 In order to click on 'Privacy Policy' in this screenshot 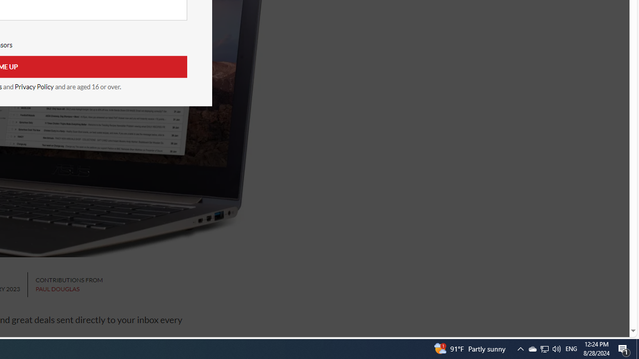, I will do `click(34, 86)`.